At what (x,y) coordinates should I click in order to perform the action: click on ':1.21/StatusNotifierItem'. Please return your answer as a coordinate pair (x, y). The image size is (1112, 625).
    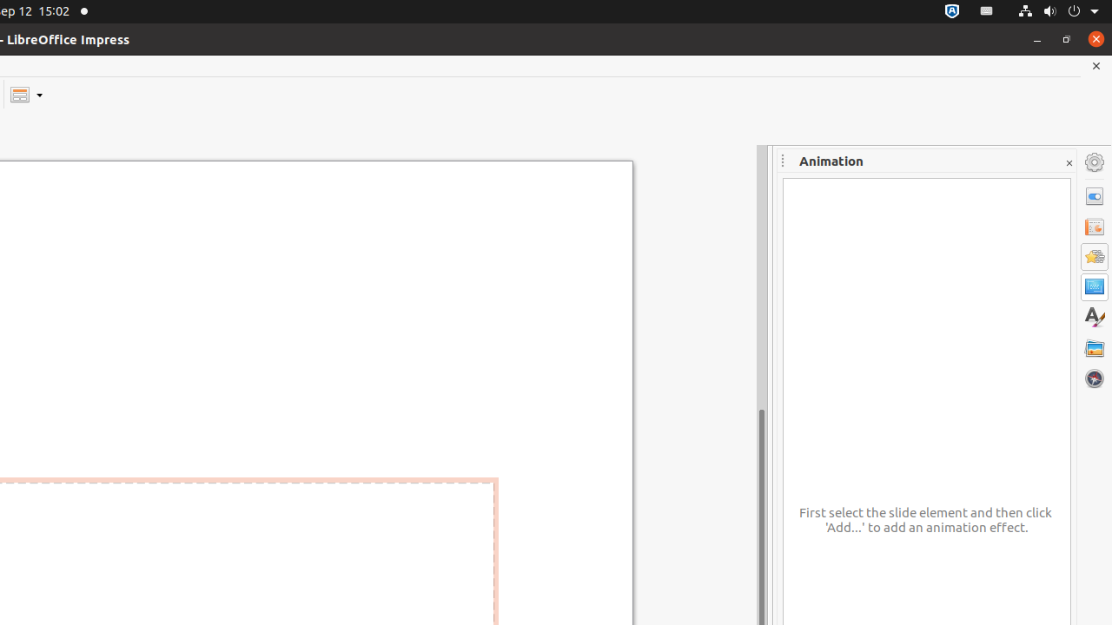
    Looking at the image, I should click on (987, 11).